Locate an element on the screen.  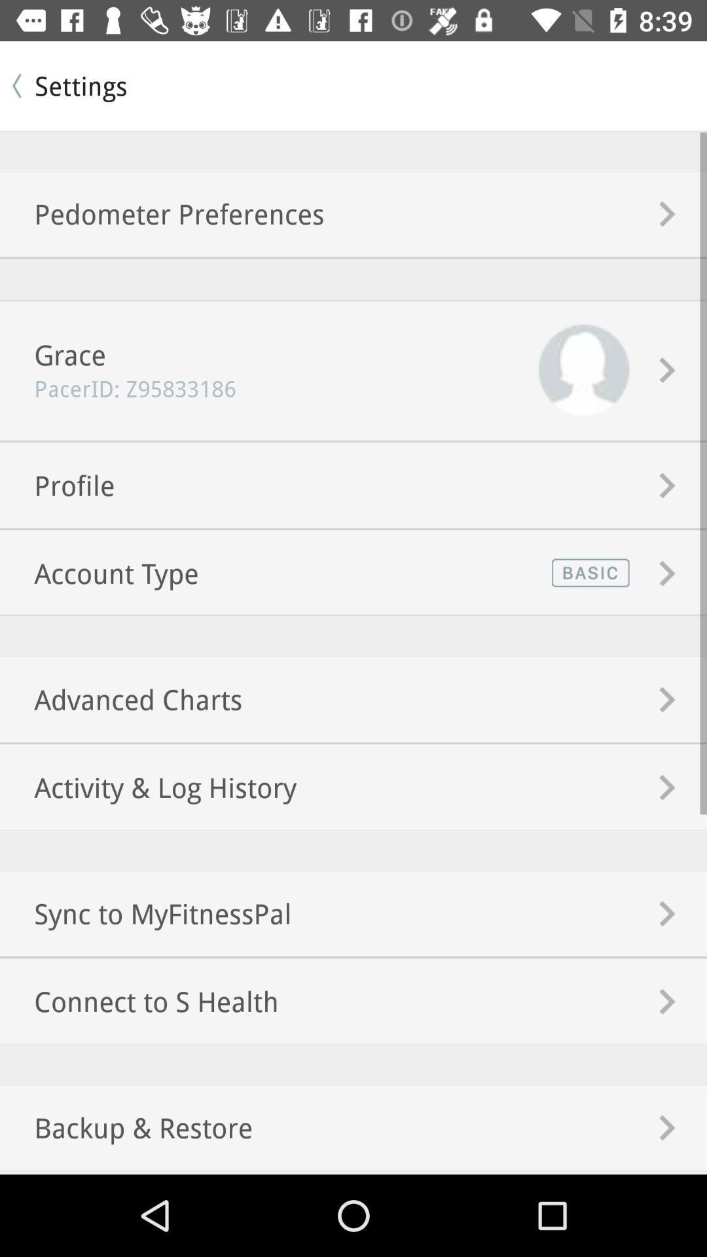
profile icon is located at coordinates (56, 484).